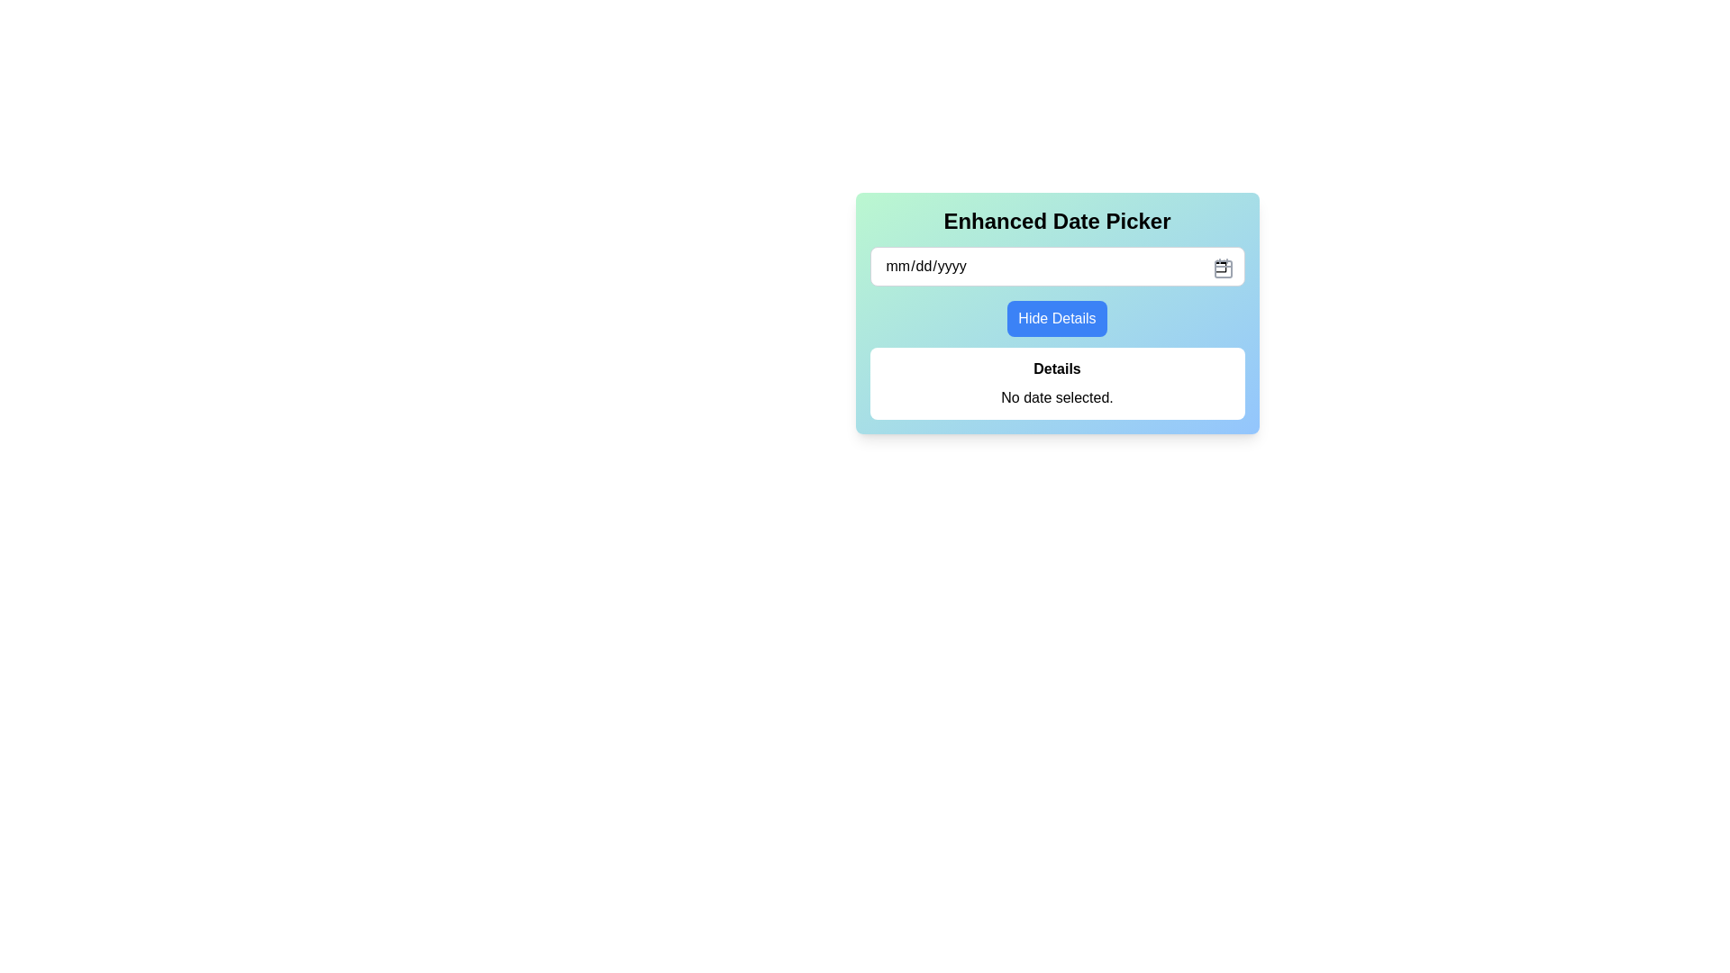 The height and width of the screenshot is (973, 1730). I want to click on text content of the informational label located beneath the 'Details' heading, which displays a message about the absence of a selected date, so click(1057, 397).